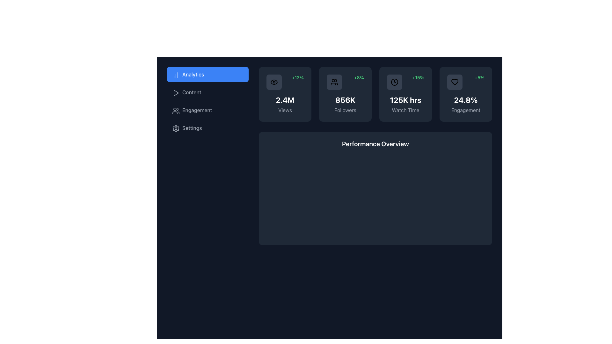  I want to click on the 'Analytics' text label in the navigation menu, so click(193, 74).